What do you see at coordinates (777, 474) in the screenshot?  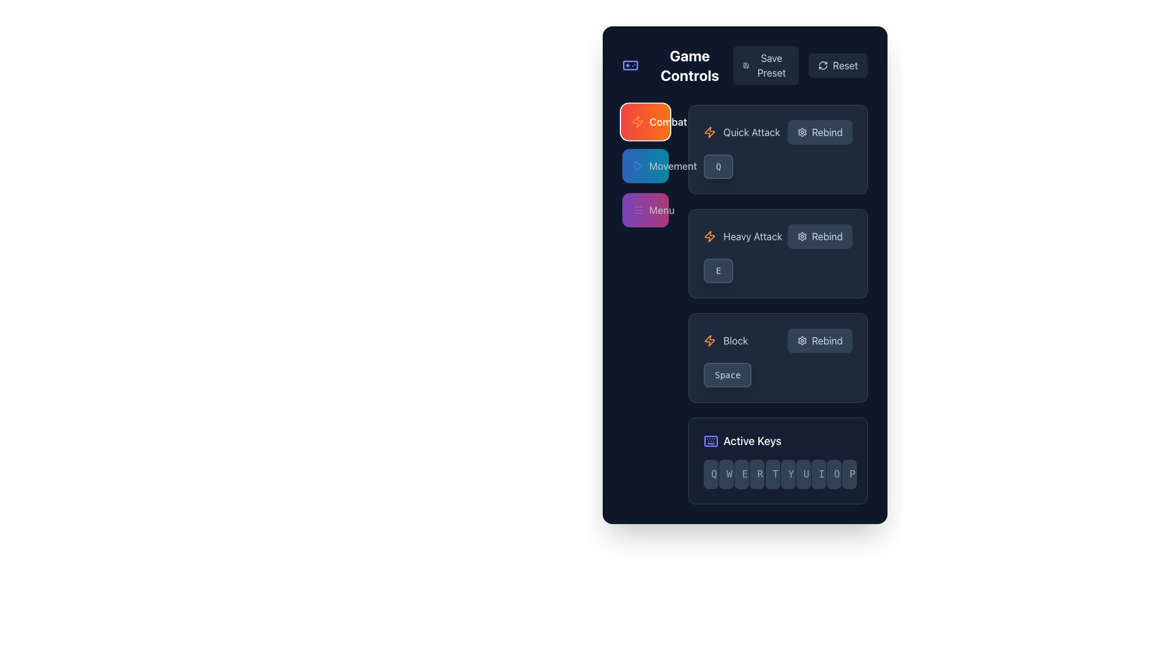 I see `the 'QWERTYUIOP' grid layout in the 'Active Keys' section, located toward the bottom of the displayed page` at bounding box center [777, 474].